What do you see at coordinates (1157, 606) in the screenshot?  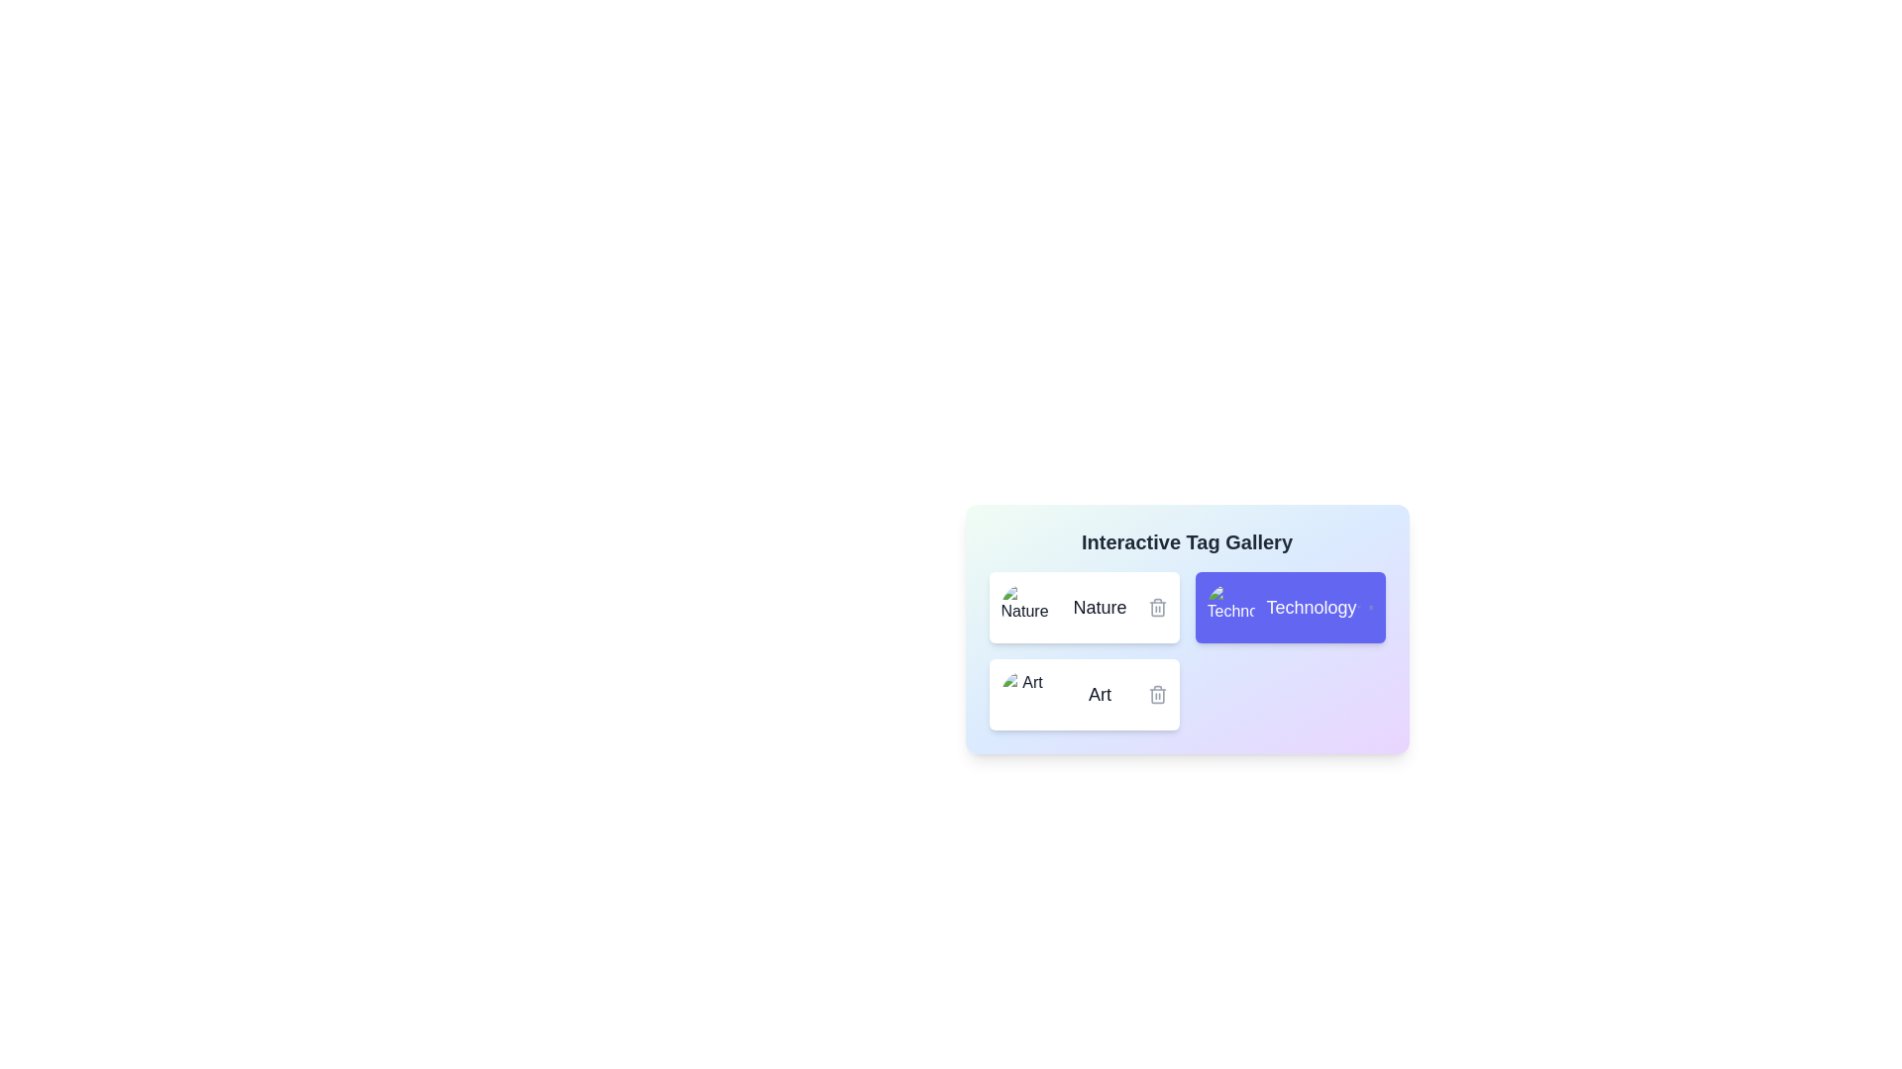 I see `the delete icon of the tag with name Nature` at bounding box center [1157, 606].